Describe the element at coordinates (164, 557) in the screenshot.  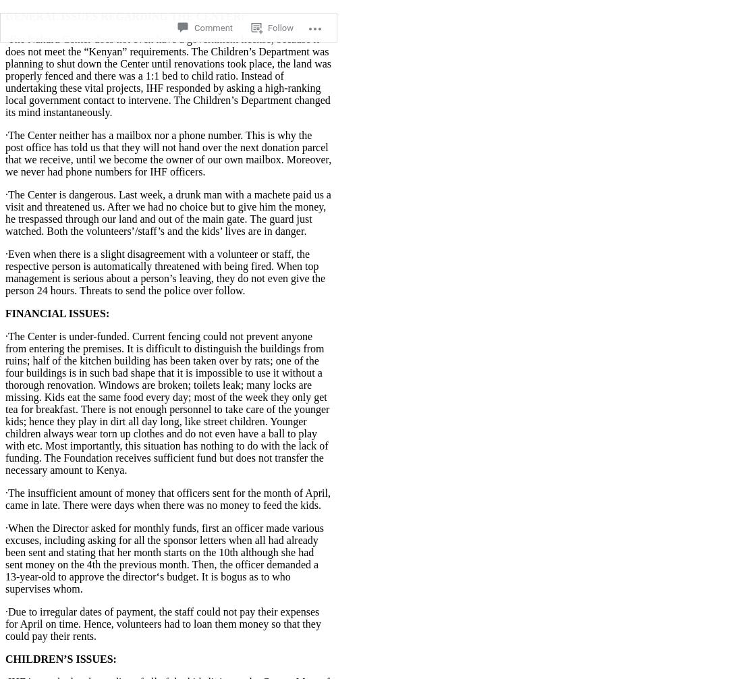
I see `'·When the Director asked for monthly funds, first an officer made various excuses, including asking for all the sponsor letters when all had already been sent and stating that her month starts on the 10th although she had sent money on the 4th the previous month. Then, the officer demanded a 13-year-old to approve the director‘s budget. It is bogus as to who supervises whom.'` at that location.